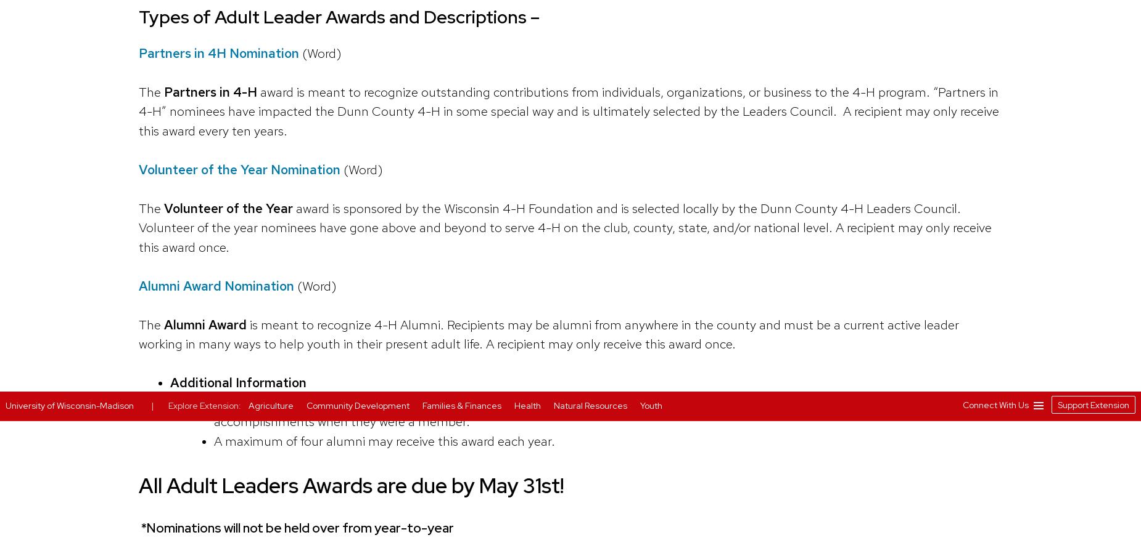 The height and width of the screenshot is (543, 1141). Describe the element at coordinates (737, 64) in the screenshot. I see `'Disability Accommodation Requests'` at that location.